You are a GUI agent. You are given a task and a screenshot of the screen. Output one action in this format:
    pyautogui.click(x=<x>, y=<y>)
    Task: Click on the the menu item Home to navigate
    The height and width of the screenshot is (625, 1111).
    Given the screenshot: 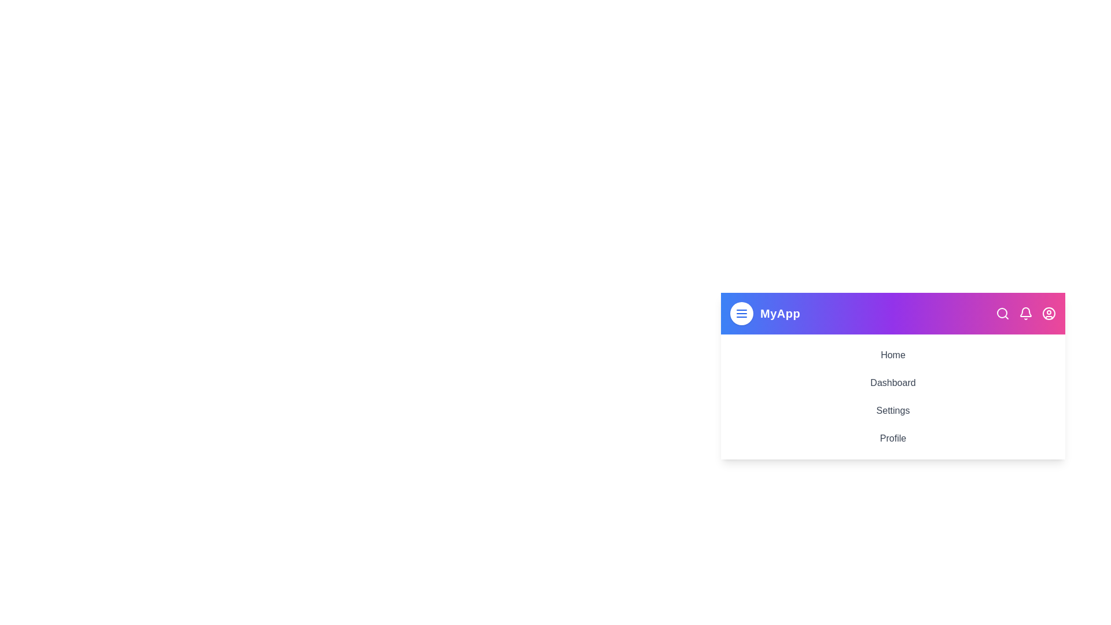 What is the action you would take?
    pyautogui.click(x=892, y=354)
    